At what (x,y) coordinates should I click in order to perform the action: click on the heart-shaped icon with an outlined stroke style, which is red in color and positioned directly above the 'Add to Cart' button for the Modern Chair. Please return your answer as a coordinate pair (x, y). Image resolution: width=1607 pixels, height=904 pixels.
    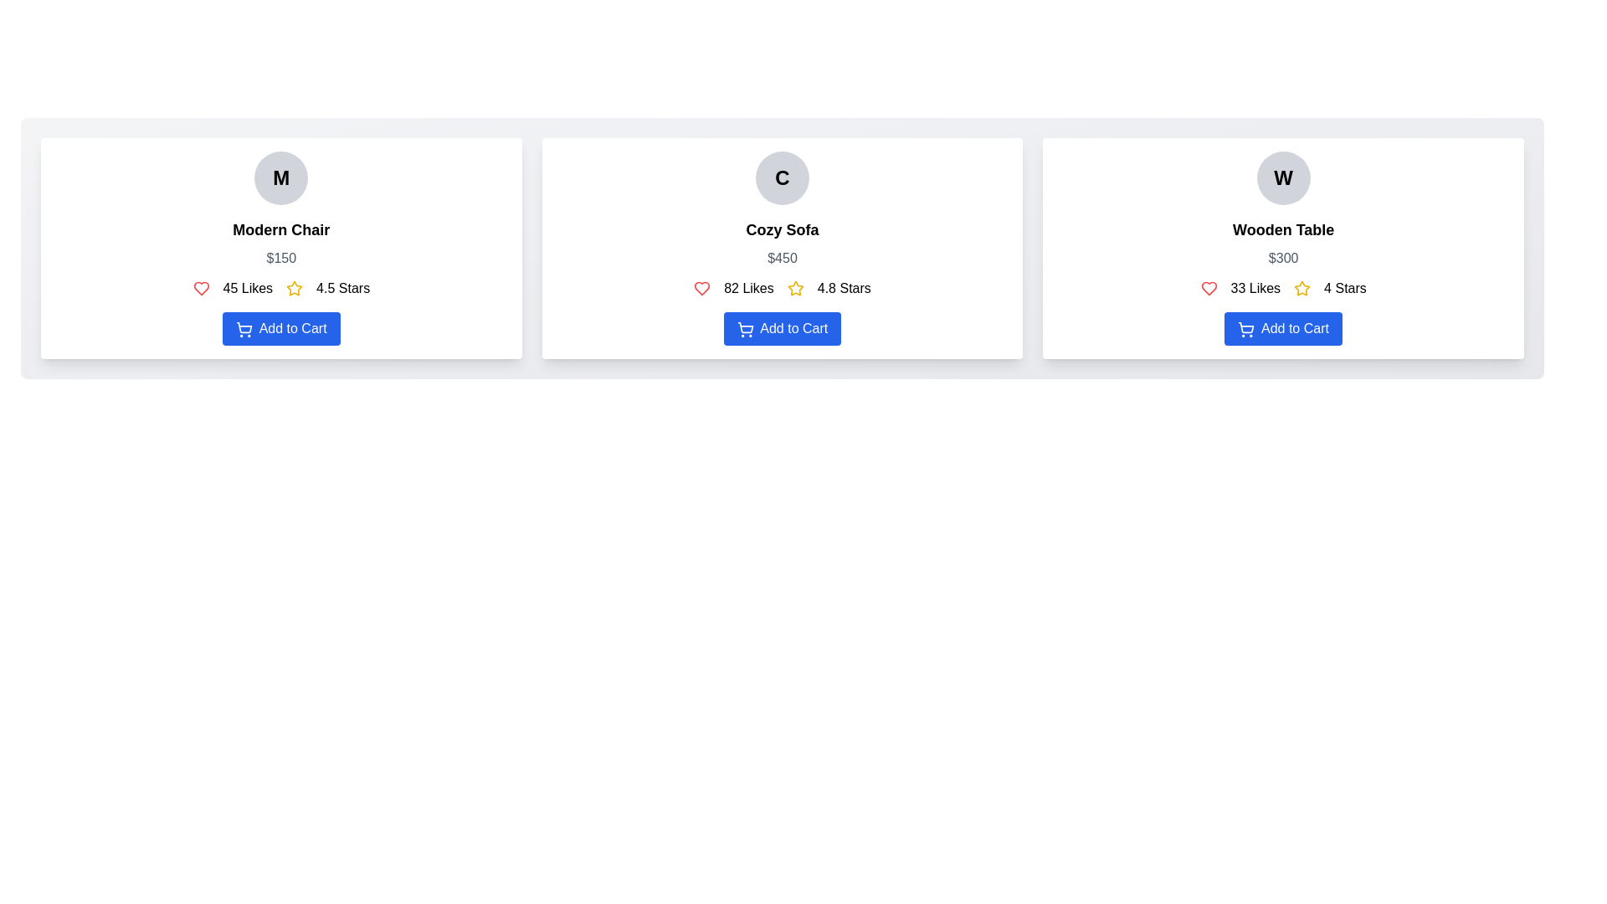
    Looking at the image, I should click on (201, 287).